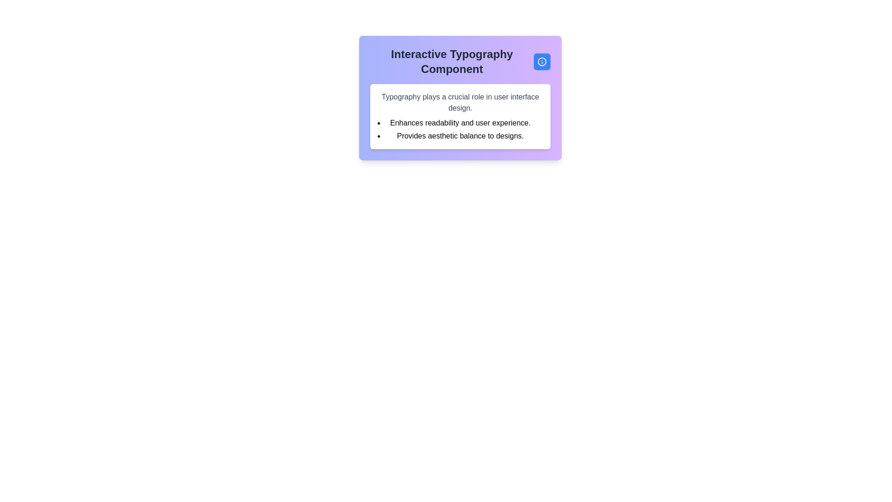 This screenshot has height=502, width=892. What do you see at coordinates (542, 61) in the screenshot?
I see `the icon located at the top-right of the 'Interactive Typography Component' card for accessibility navigation` at bounding box center [542, 61].